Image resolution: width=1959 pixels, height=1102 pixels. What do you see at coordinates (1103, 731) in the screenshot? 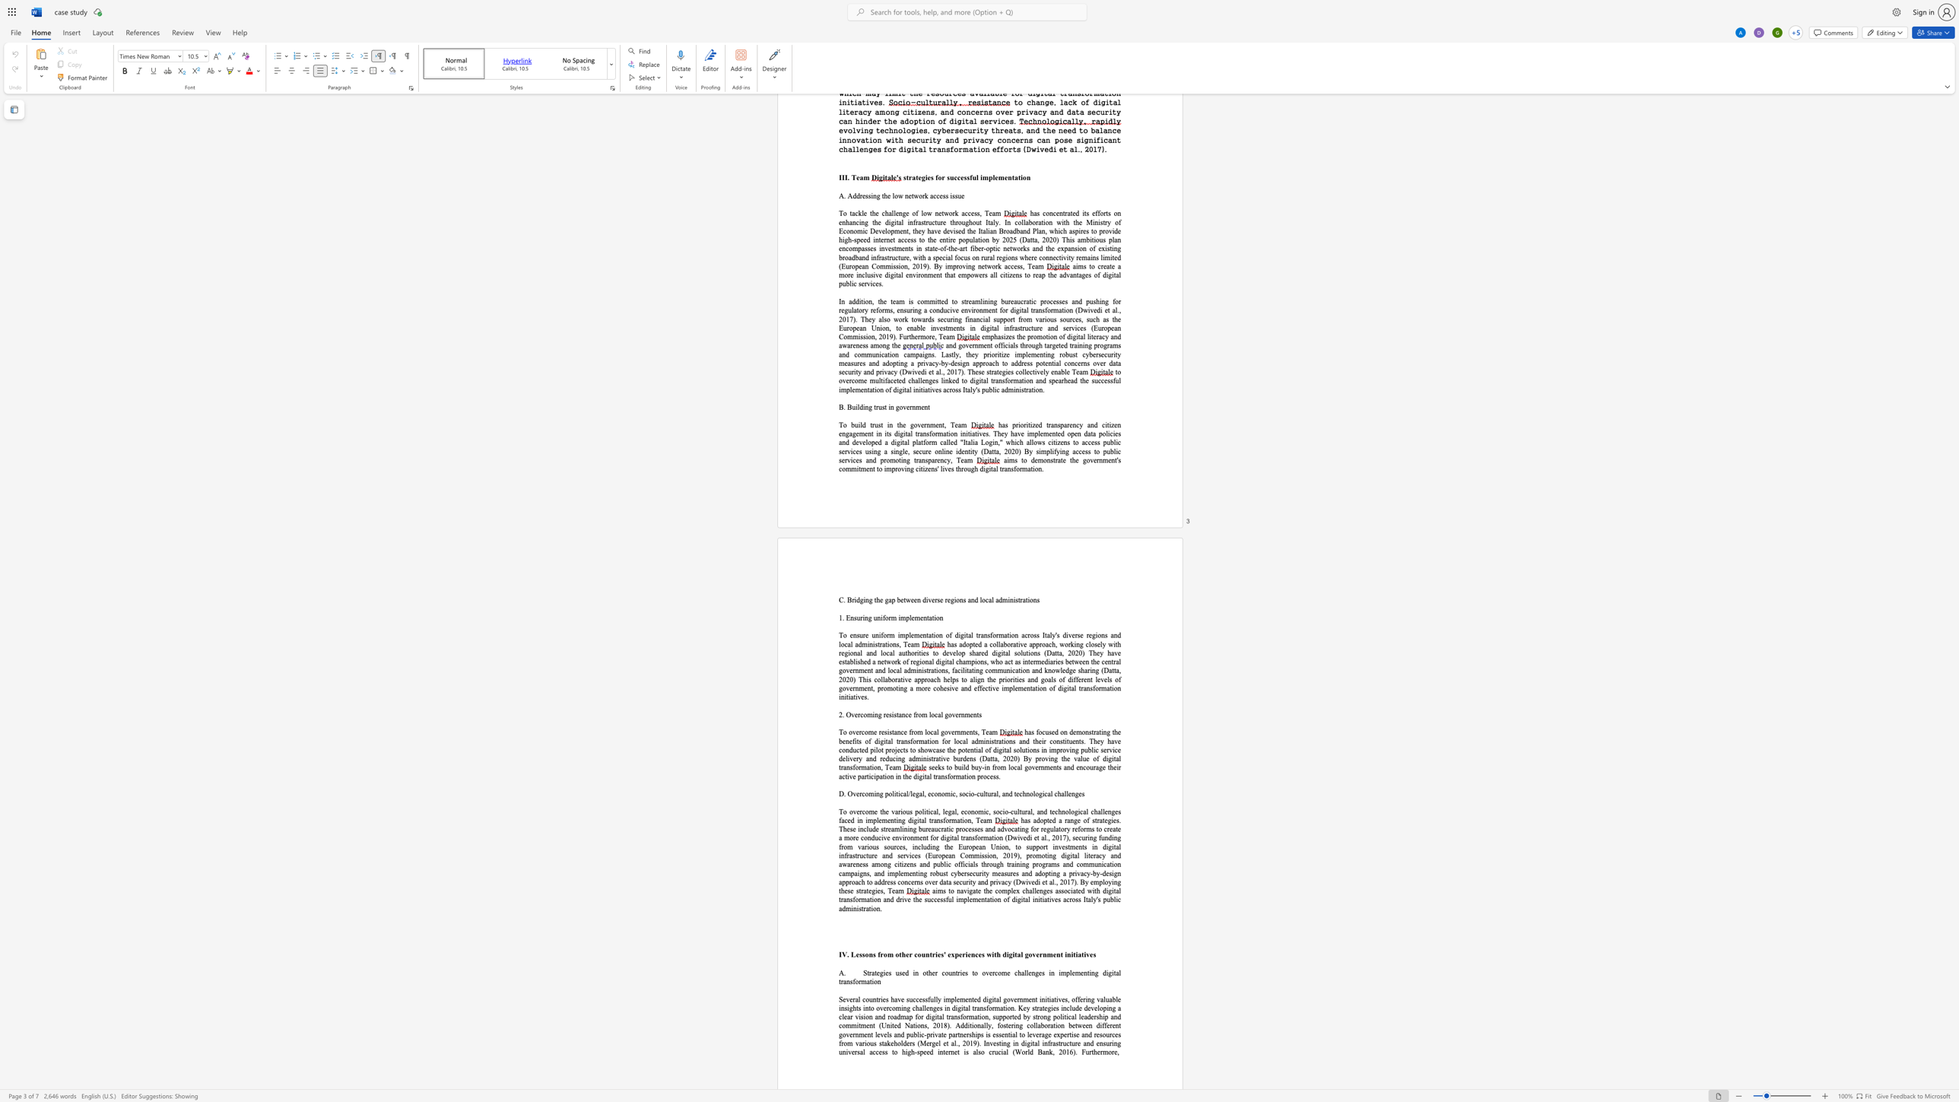
I see `the space between the continuous character "i" and "n" in the text` at bounding box center [1103, 731].